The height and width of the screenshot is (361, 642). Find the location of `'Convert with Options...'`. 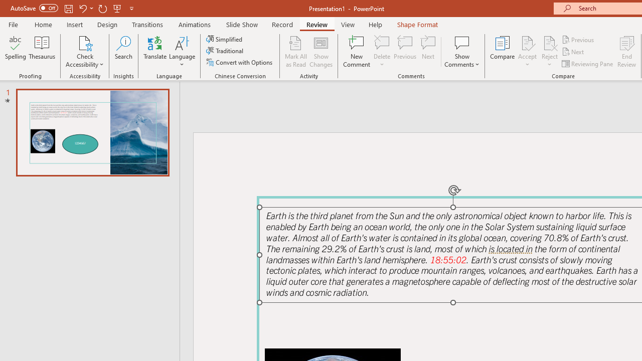

'Convert with Options...' is located at coordinates (240, 62).